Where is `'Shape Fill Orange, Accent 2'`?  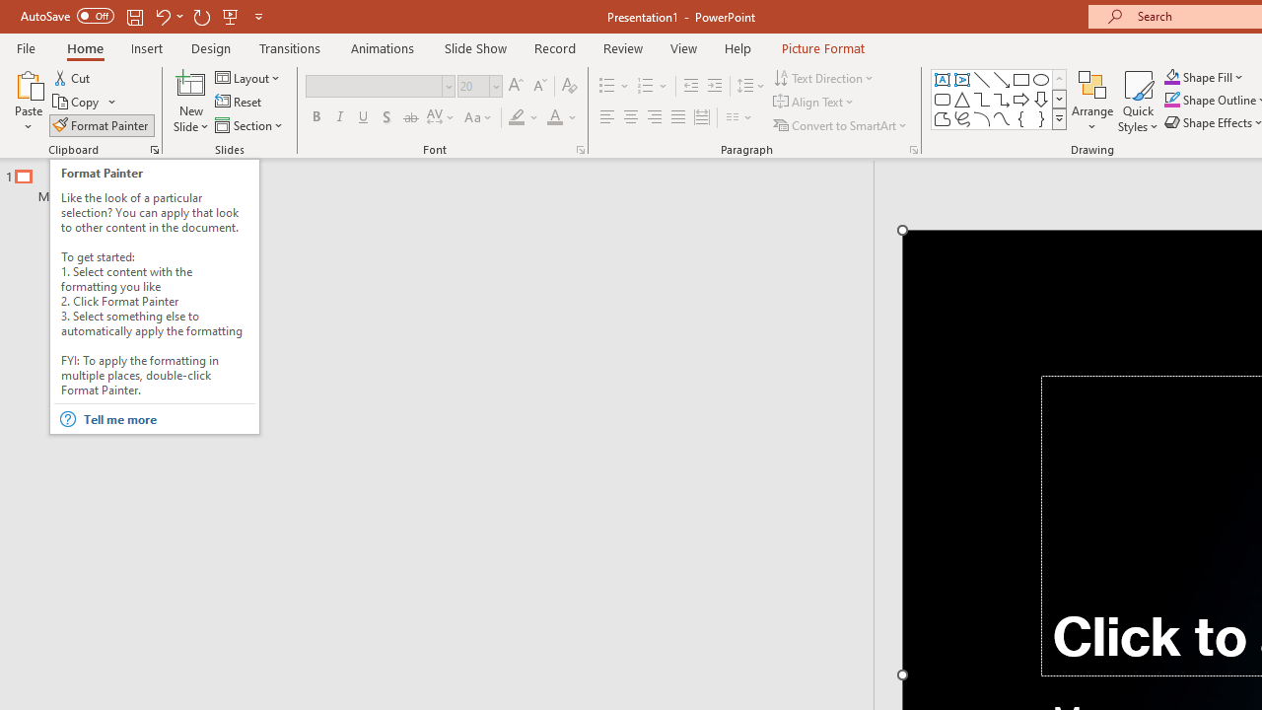
'Shape Fill Orange, Accent 2' is located at coordinates (1172, 76).